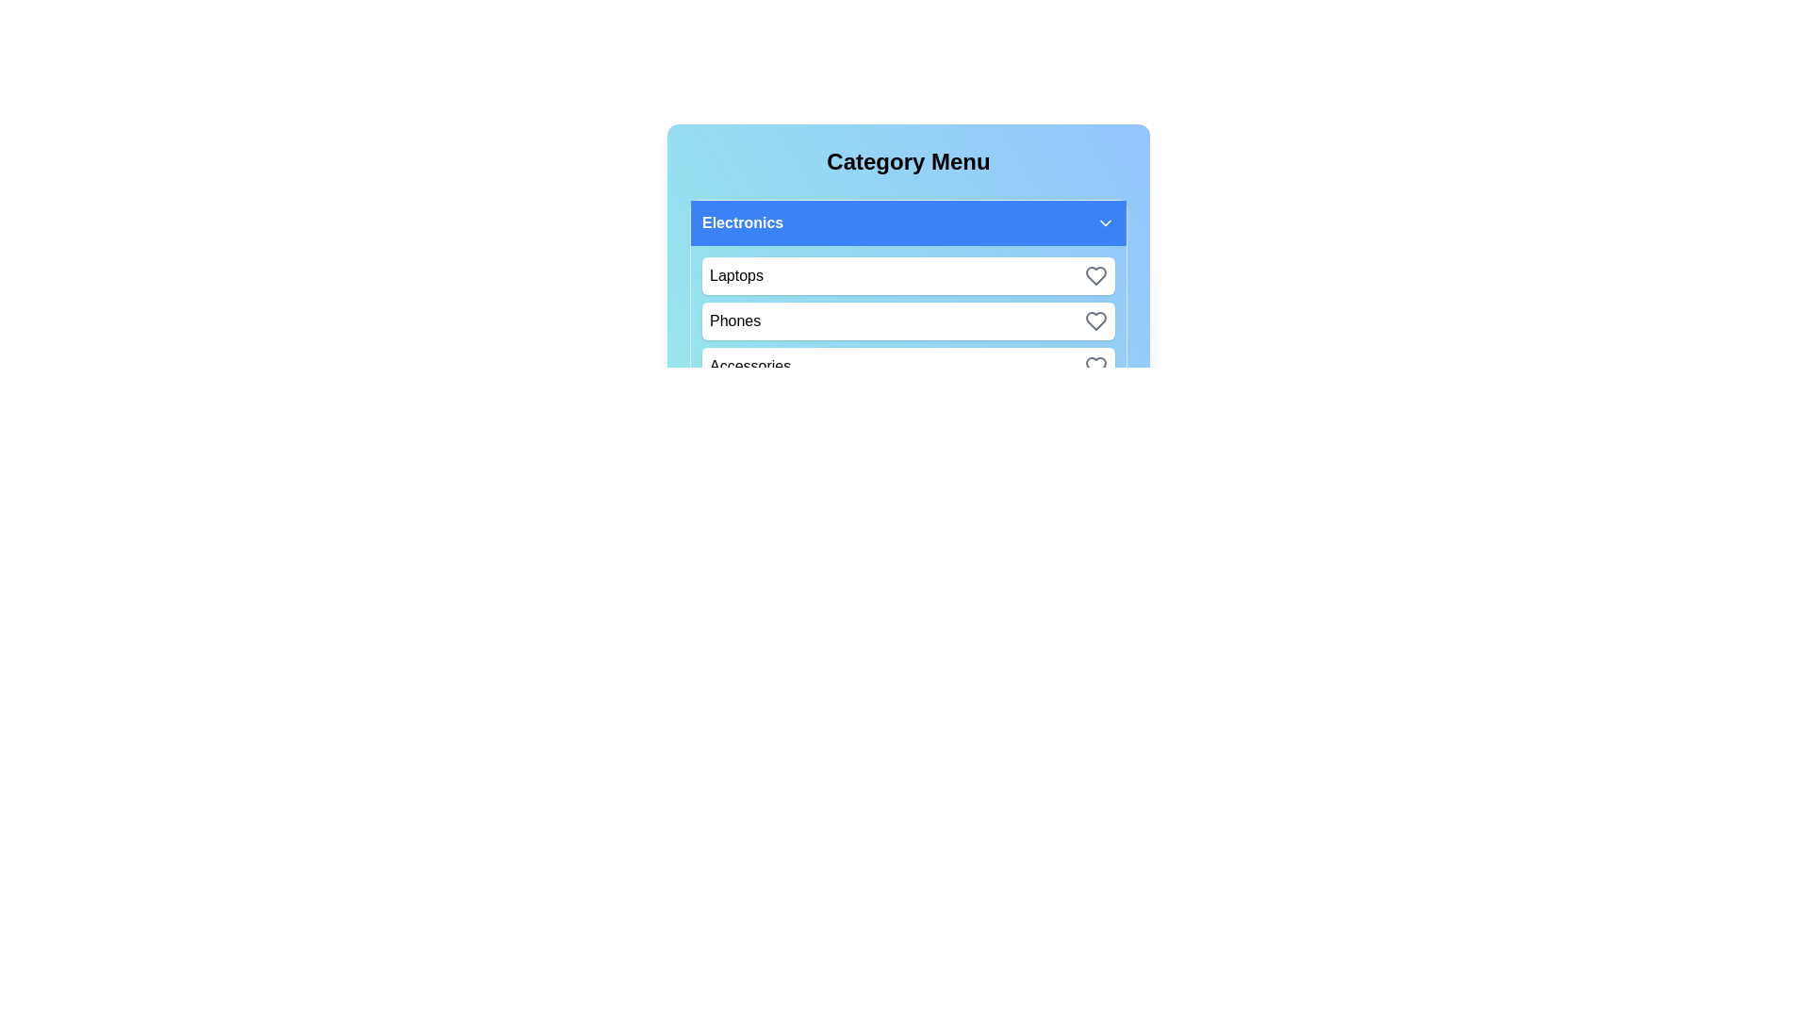 This screenshot has height=1018, width=1810. What do you see at coordinates (1095, 320) in the screenshot?
I see `the heart-shaped icon button in the right-hand column of the row labeled 'Phones' within the 'Category Menu' dropdown` at bounding box center [1095, 320].